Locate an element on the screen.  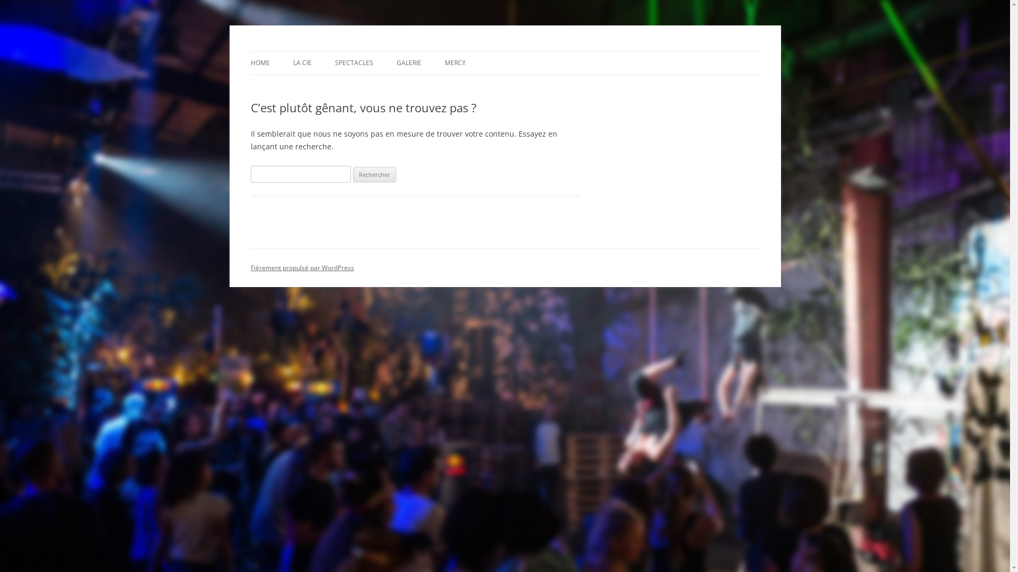
'SPECTACLES' is located at coordinates (354, 63).